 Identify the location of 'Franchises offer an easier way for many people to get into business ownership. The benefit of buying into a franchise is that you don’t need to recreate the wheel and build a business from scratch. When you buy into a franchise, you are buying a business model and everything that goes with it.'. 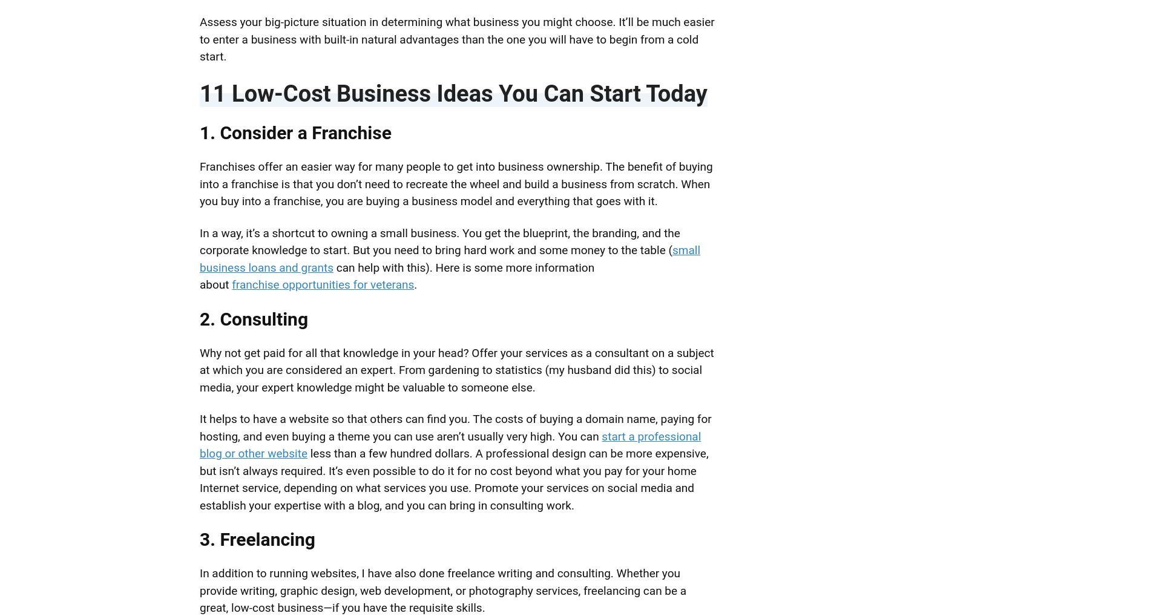
(199, 183).